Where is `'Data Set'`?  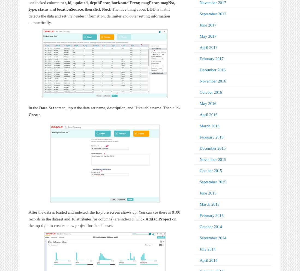 'Data Set' is located at coordinates (39, 108).